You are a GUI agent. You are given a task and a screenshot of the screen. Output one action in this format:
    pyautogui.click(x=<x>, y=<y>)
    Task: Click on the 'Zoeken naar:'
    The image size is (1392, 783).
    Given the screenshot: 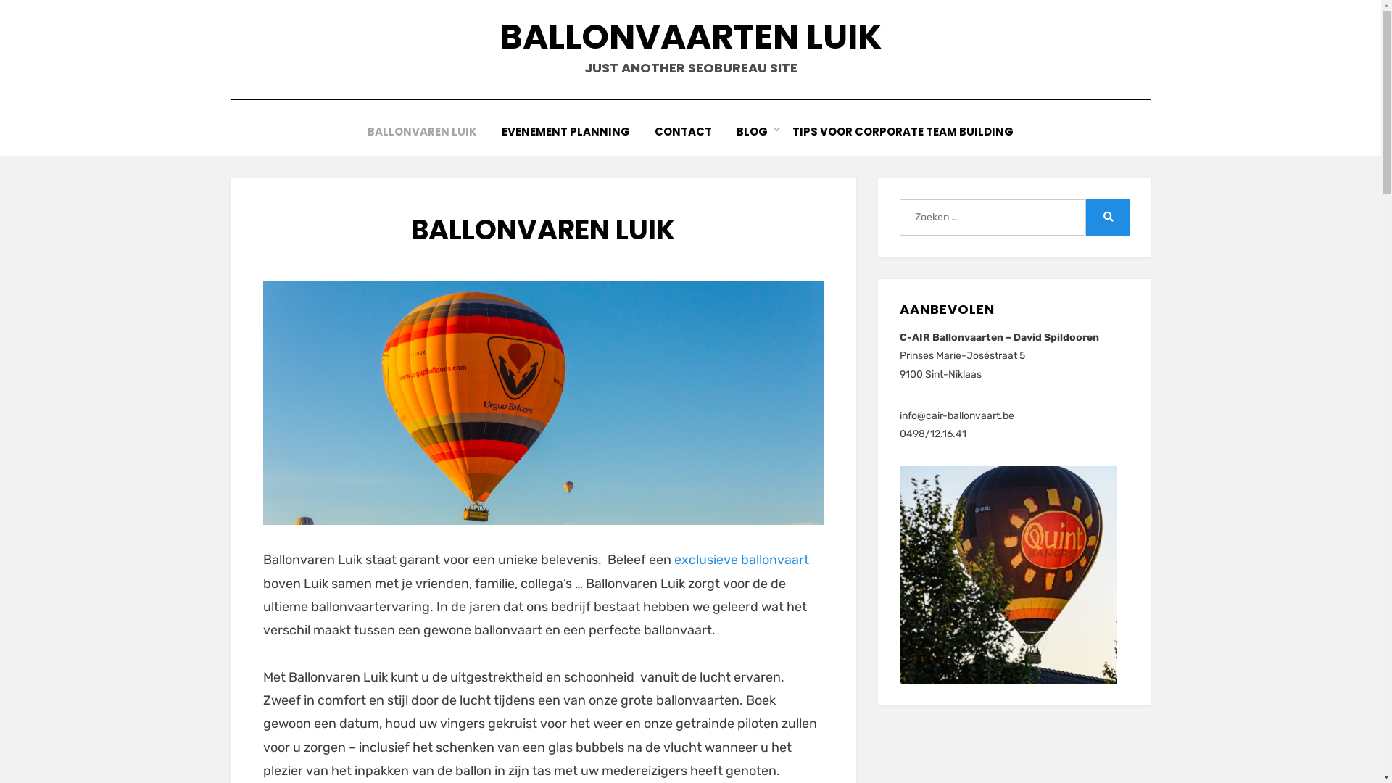 What is the action you would take?
    pyautogui.click(x=991, y=217)
    